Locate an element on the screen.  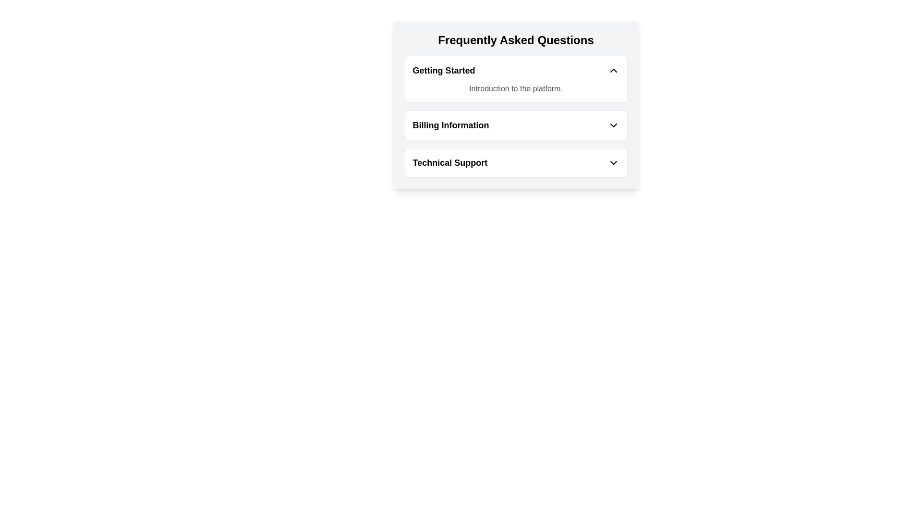
the text label representing the title of the FAQ category for reading by moving the cursor to its center point is located at coordinates (449, 162).